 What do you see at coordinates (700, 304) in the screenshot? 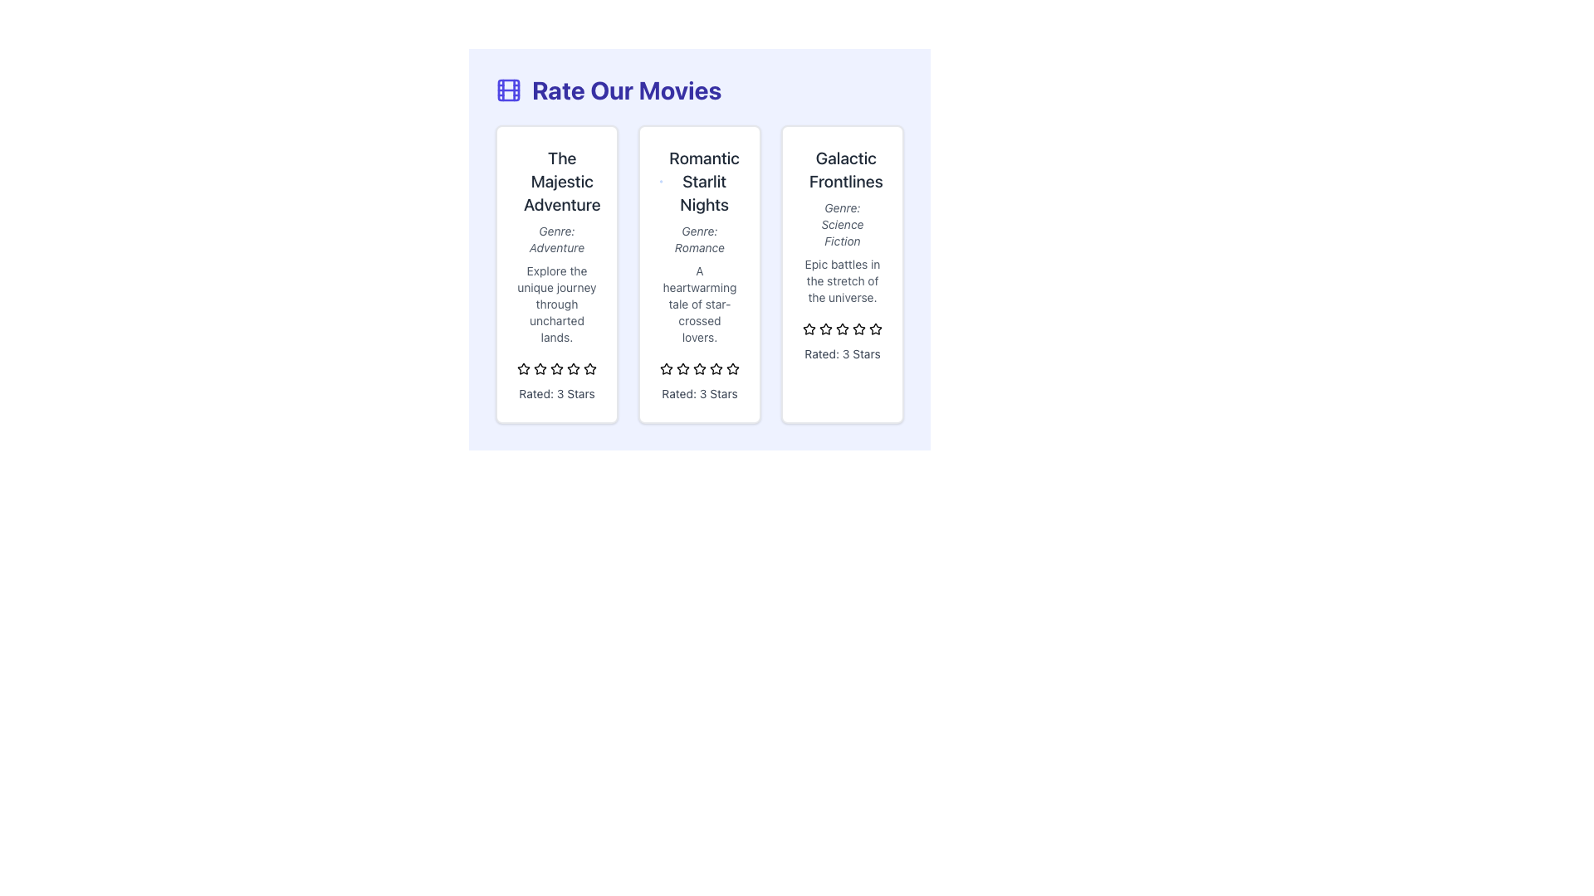
I see `text block containing 'A heartwarming tale of star-crossed lovers.' which is located below the 'Genre: Romance' and above the star rating in the 'Romantic Starlit Nights' movie card` at bounding box center [700, 304].